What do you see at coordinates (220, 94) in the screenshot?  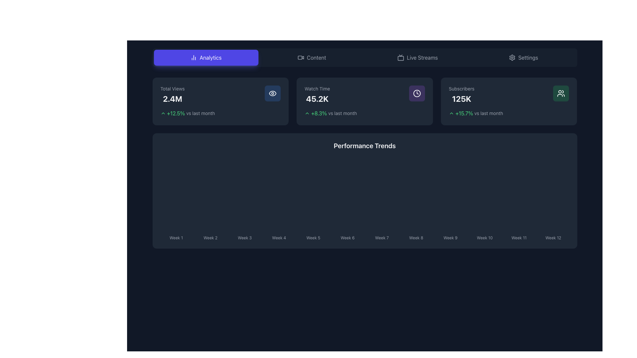 I see `the statistical information displayed in the Informational Display with Icon titled 'Total Views', which shows a bold value of '2.4M' and an eye icon` at bounding box center [220, 94].